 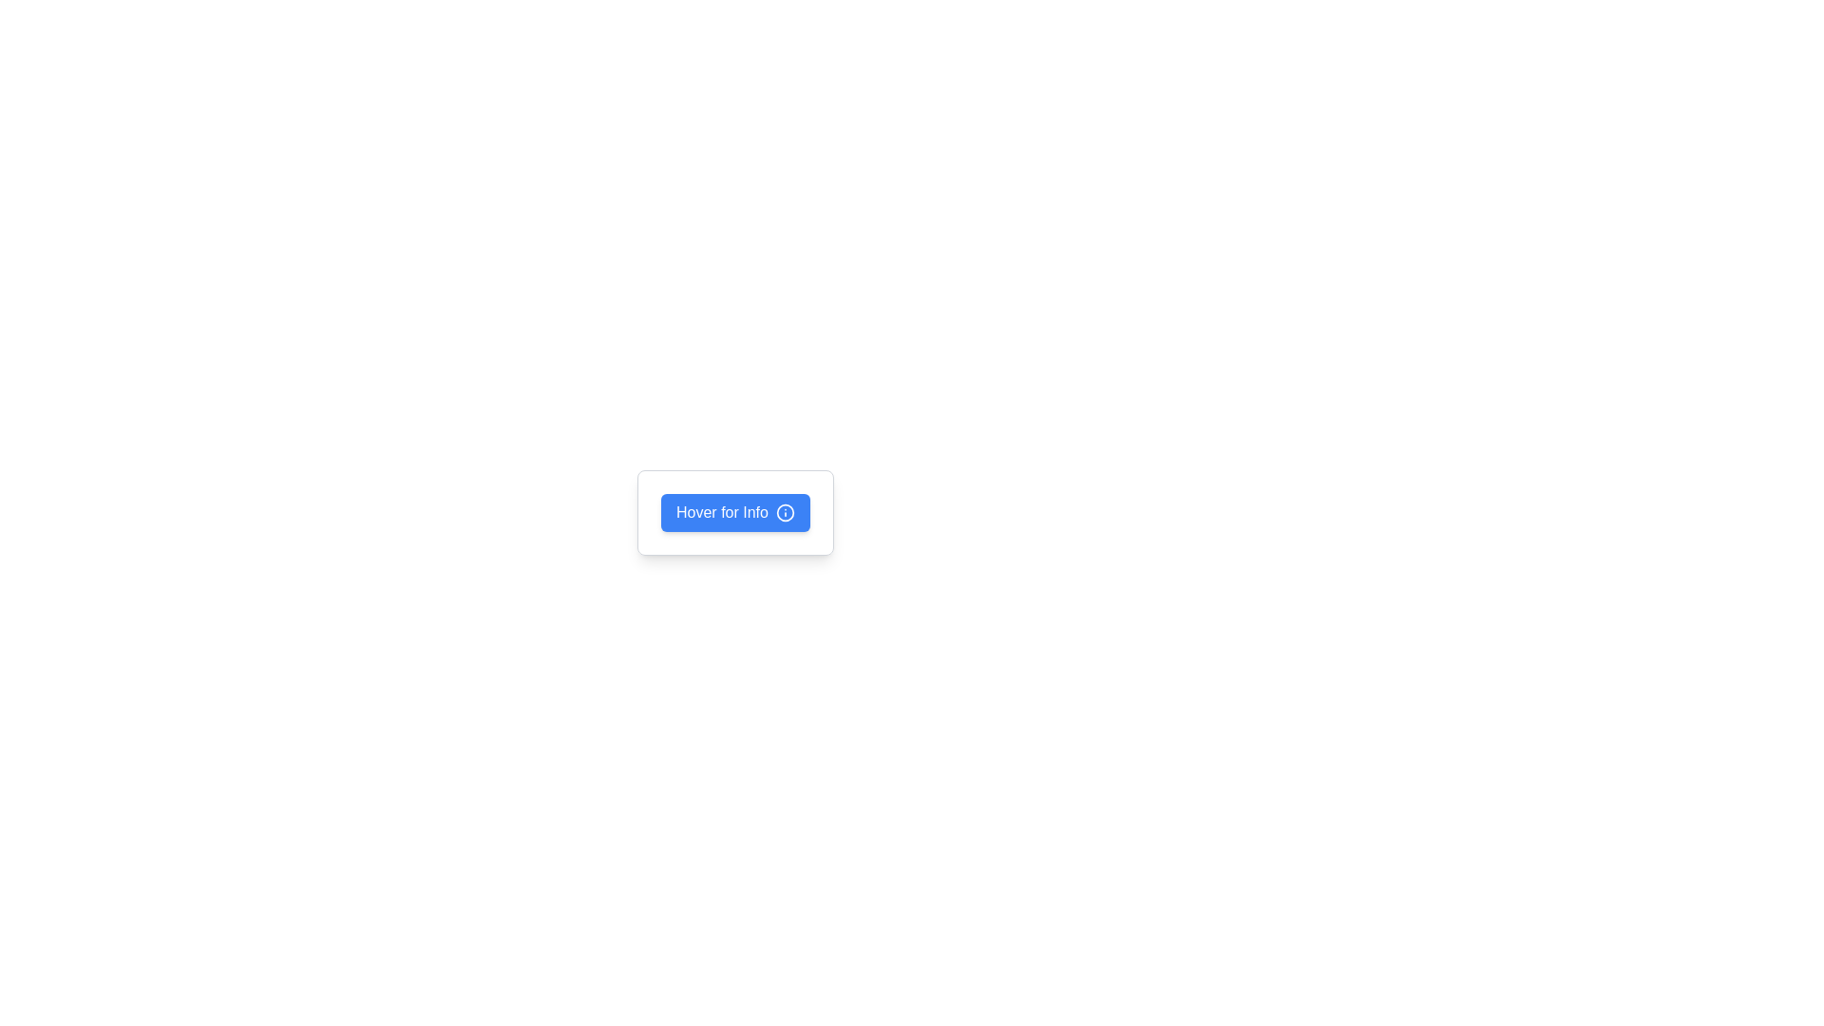 I want to click on the circular portion of the 'info' icon located at the top-right of the 'Hover for Info' button, so click(x=785, y=513).